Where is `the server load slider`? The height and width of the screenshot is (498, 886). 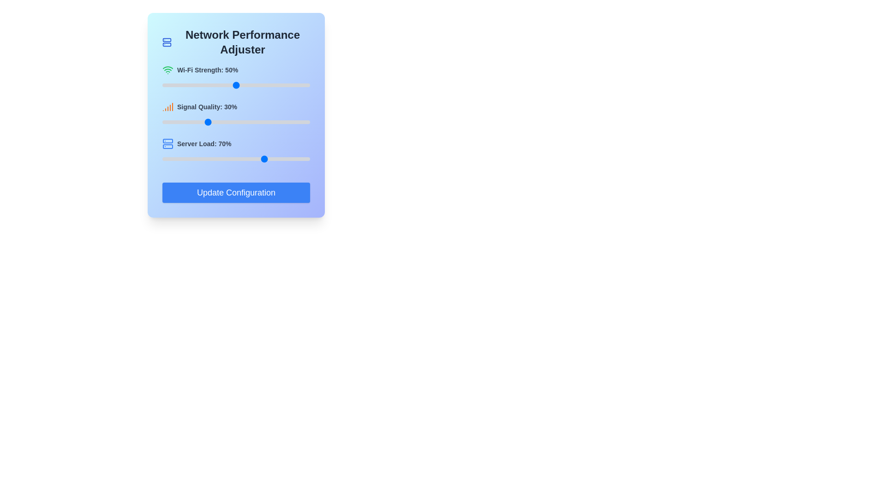
the server load slider is located at coordinates (183, 158).